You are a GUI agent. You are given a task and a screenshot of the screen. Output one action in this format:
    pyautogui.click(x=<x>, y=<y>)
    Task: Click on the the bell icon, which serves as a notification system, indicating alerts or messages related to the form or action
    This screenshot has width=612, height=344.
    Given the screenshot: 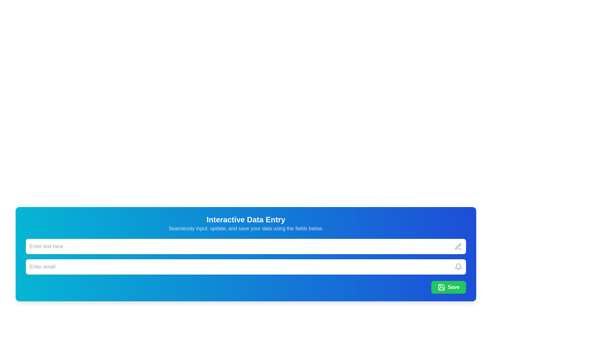 What is the action you would take?
    pyautogui.click(x=458, y=267)
    